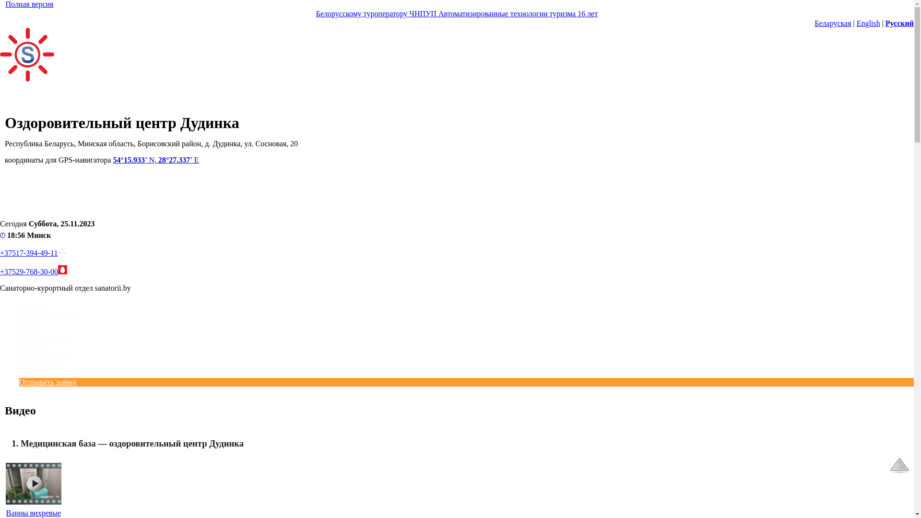 Image resolution: width=921 pixels, height=518 pixels. What do you see at coordinates (29, 271) in the screenshot?
I see `'+37529-768-30-00'` at bounding box center [29, 271].